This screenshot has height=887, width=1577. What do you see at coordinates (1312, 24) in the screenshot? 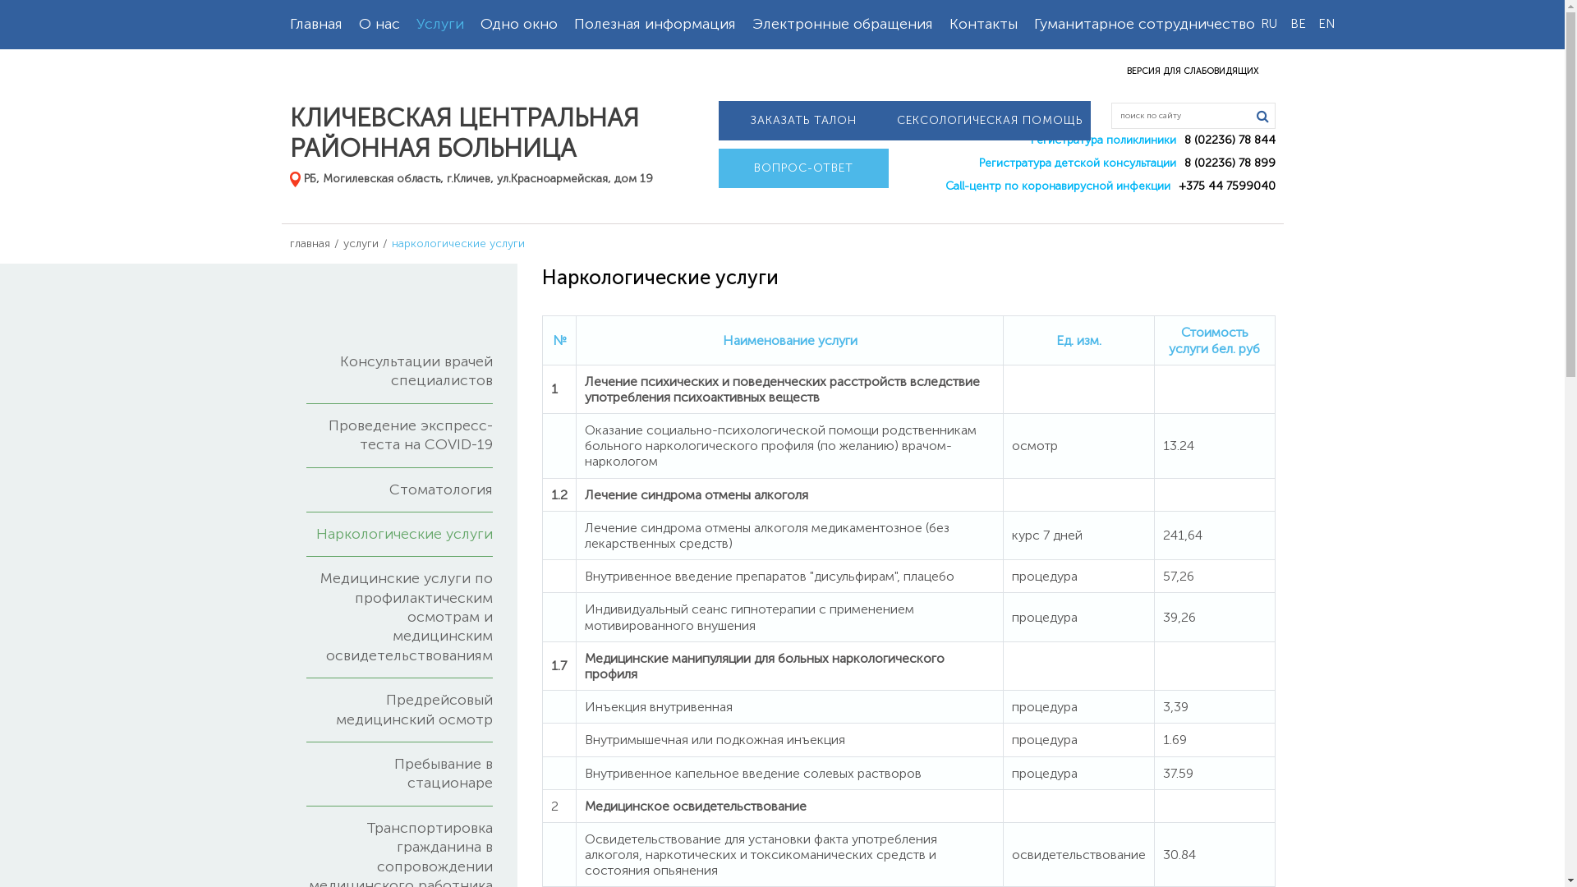
I see `'EN'` at bounding box center [1312, 24].